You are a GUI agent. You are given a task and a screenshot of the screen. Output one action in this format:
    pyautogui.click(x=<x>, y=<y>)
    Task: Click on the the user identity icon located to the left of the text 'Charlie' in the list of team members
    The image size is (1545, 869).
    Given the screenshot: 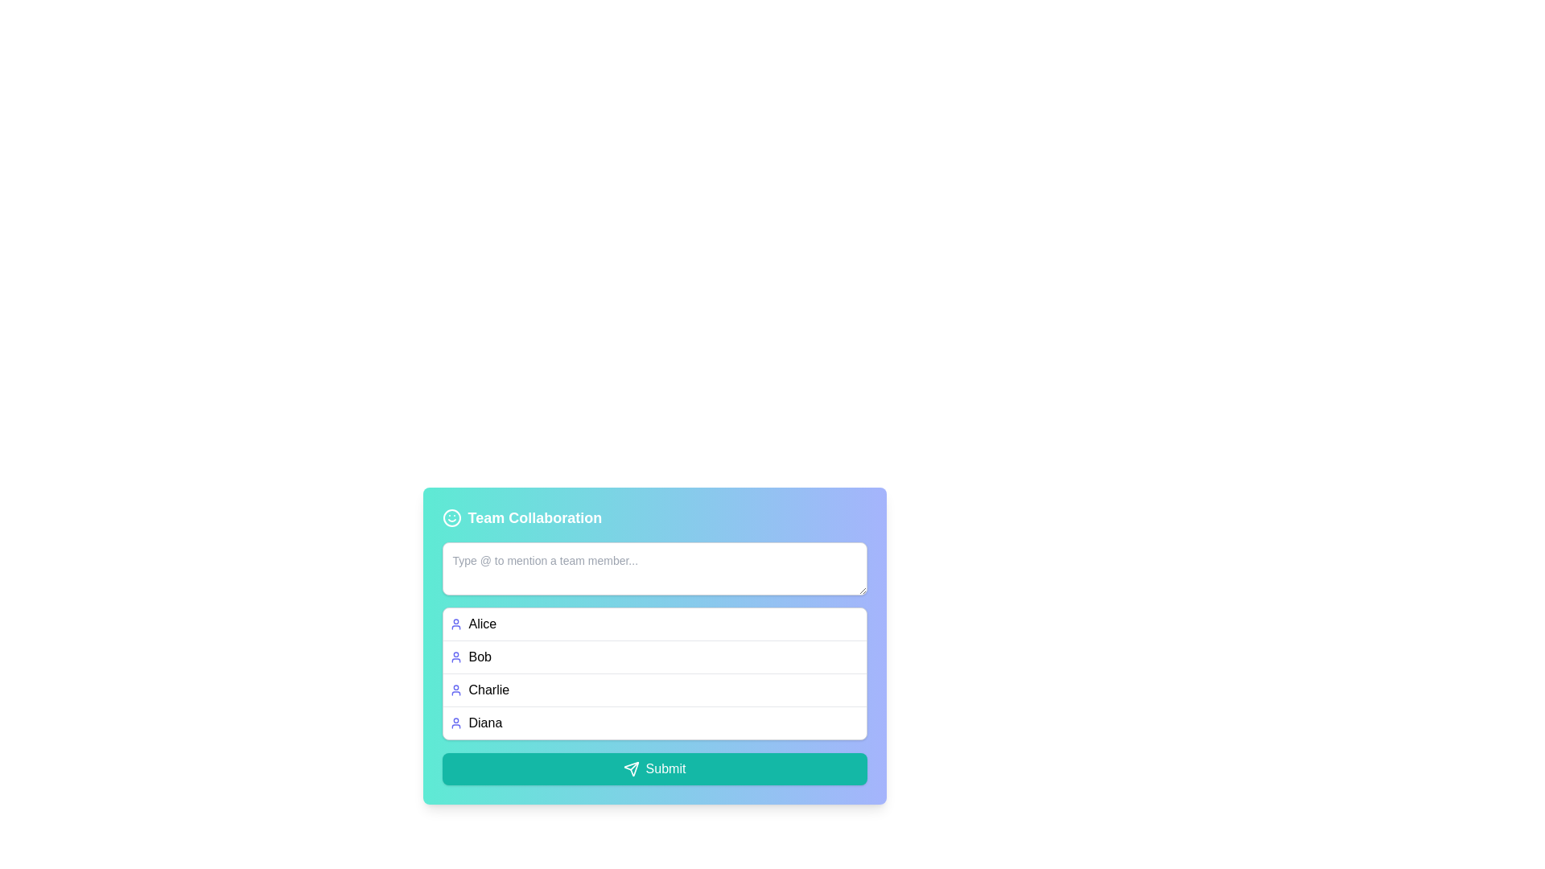 What is the action you would take?
    pyautogui.click(x=455, y=689)
    